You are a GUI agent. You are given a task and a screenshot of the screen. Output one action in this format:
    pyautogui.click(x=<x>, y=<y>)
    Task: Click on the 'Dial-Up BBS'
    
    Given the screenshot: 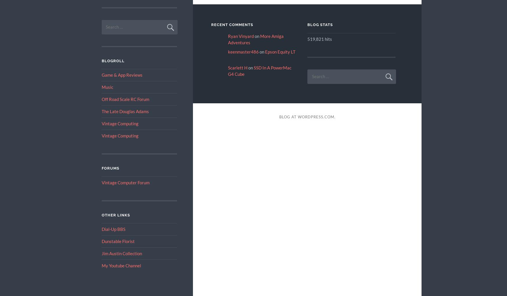 What is the action you would take?
    pyautogui.click(x=113, y=229)
    